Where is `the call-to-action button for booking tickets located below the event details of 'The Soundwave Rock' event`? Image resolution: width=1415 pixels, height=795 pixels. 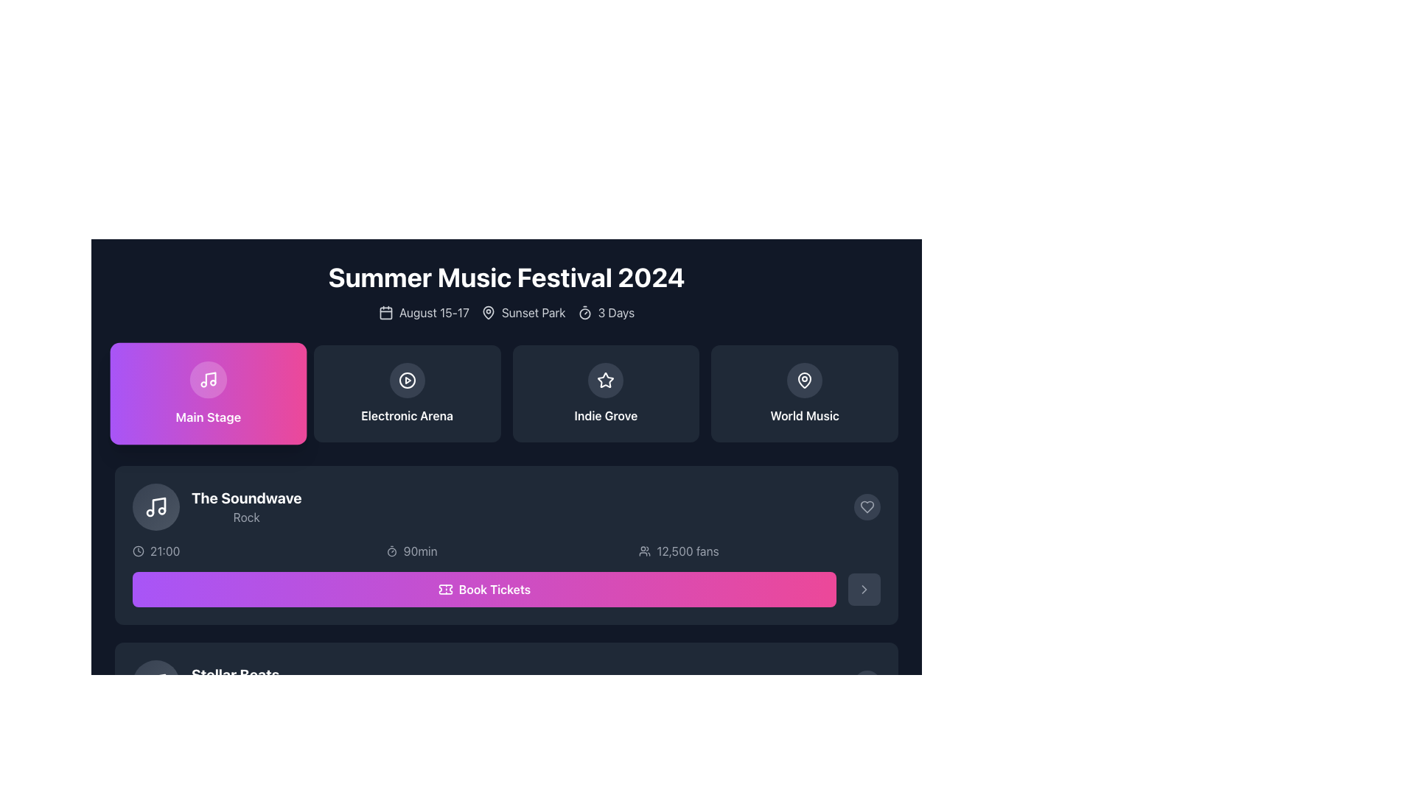
the call-to-action button for booking tickets located below the event details of 'The Soundwave Rock' event is located at coordinates (506, 589).